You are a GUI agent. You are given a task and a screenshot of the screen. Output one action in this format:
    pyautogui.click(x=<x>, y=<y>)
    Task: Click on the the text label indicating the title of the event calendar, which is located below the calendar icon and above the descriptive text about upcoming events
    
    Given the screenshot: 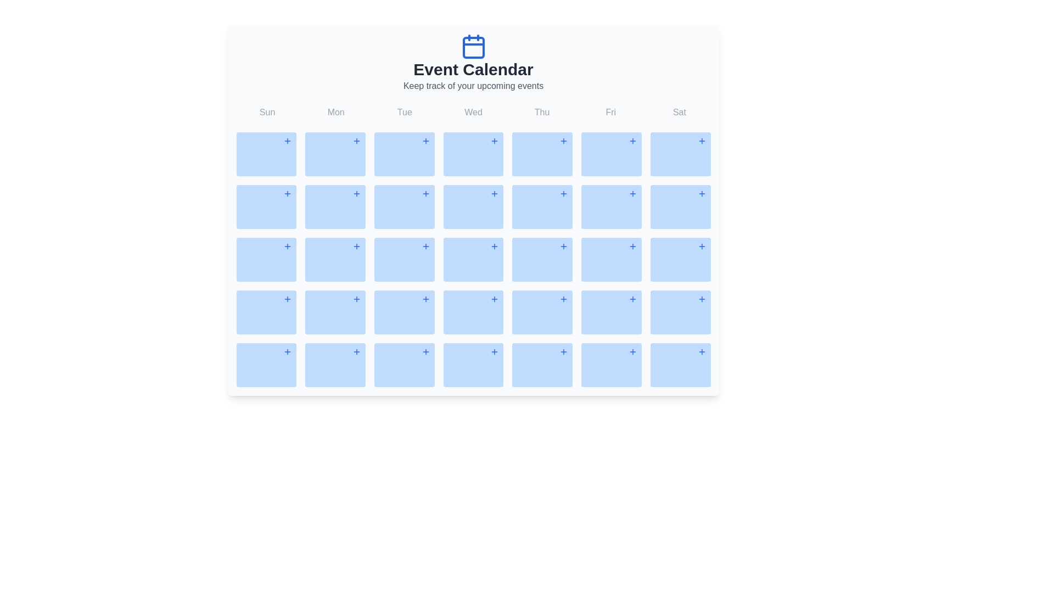 What is the action you would take?
    pyautogui.click(x=473, y=70)
    